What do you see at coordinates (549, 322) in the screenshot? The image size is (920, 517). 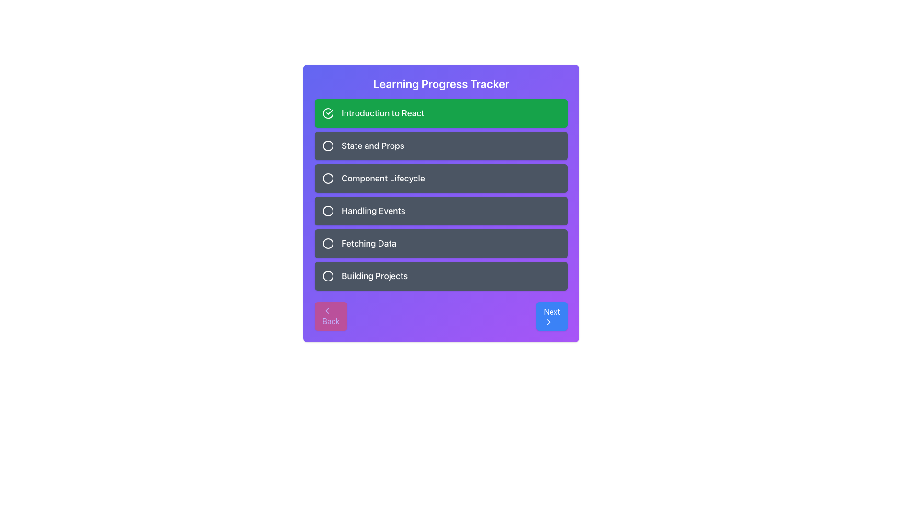 I see `the chevron icon within the 'Next' button located at the bottom-right corner of the interface` at bounding box center [549, 322].